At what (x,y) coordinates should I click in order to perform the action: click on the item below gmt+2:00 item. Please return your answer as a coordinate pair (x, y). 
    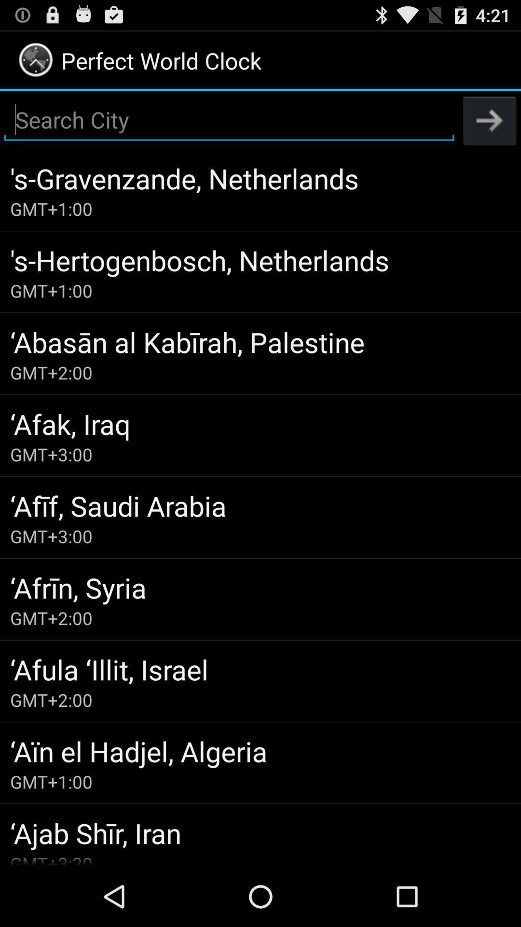
    Looking at the image, I should click on (260, 669).